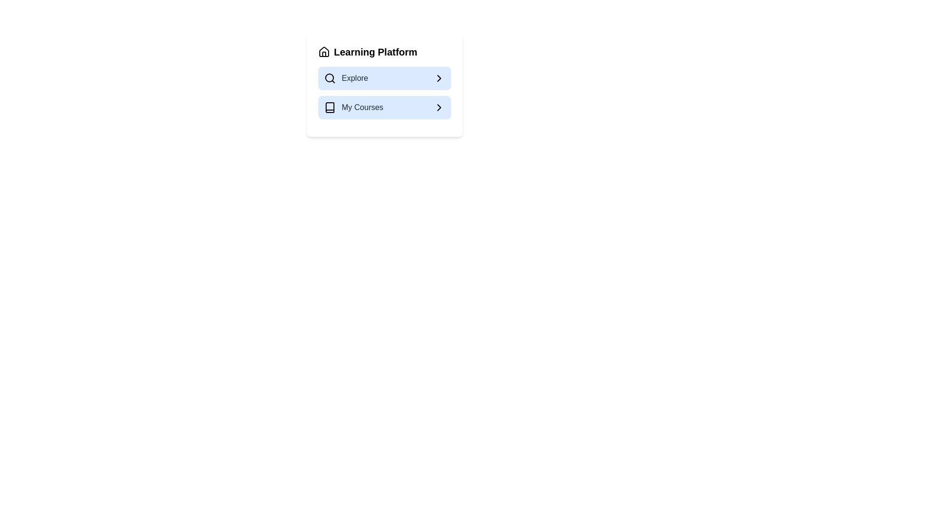 The height and width of the screenshot is (526, 936). What do you see at coordinates (439, 107) in the screenshot?
I see `the arrow or chevron icon located in the 'My Courses' section of the navigation menu, positioned to the right of the 'My Courses' text` at bounding box center [439, 107].